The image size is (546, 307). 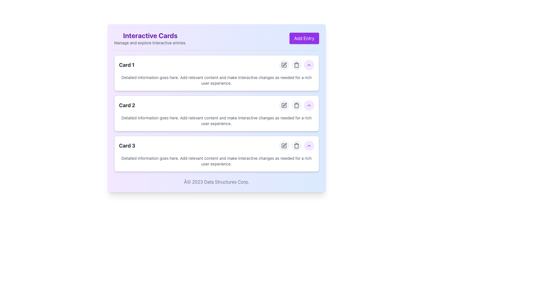 What do you see at coordinates (284, 105) in the screenshot?
I see `the pen icon within the circular button on the right side of the second card in the vertical list of cards` at bounding box center [284, 105].